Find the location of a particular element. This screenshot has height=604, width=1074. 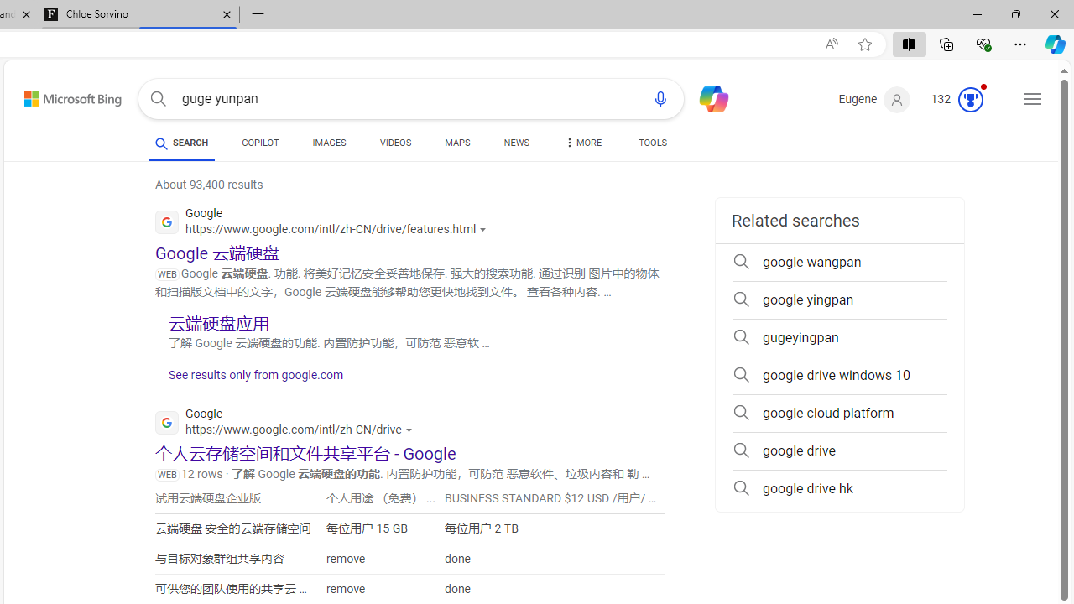

'Restore' is located at coordinates (1014, 13).